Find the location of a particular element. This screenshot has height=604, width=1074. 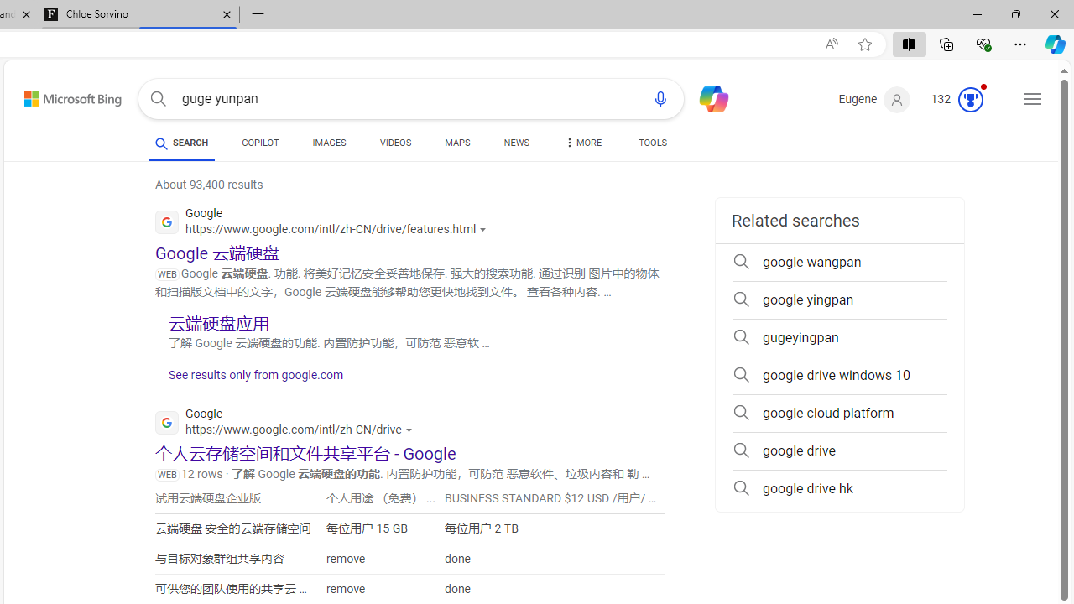

'Restore' is located at coordinates (1014, 13).